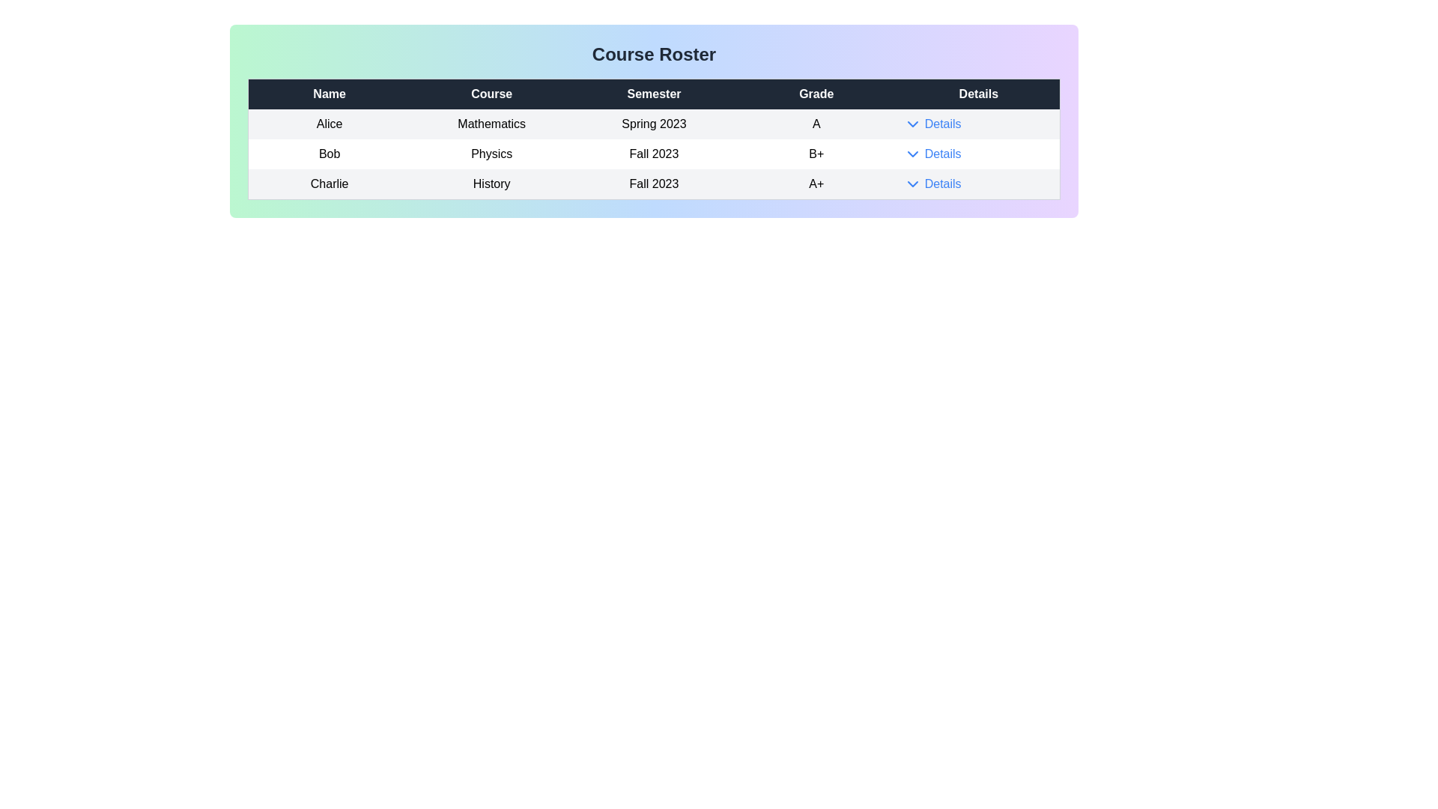 The height and width of the screenshot is (809, 1438). What do you see at coordinates (979, 154) in the screenshot?
I see `the 'Details' hyperlink/button associated with the 'Bob' row in the second row of the table` at bounding box center [979, 154].